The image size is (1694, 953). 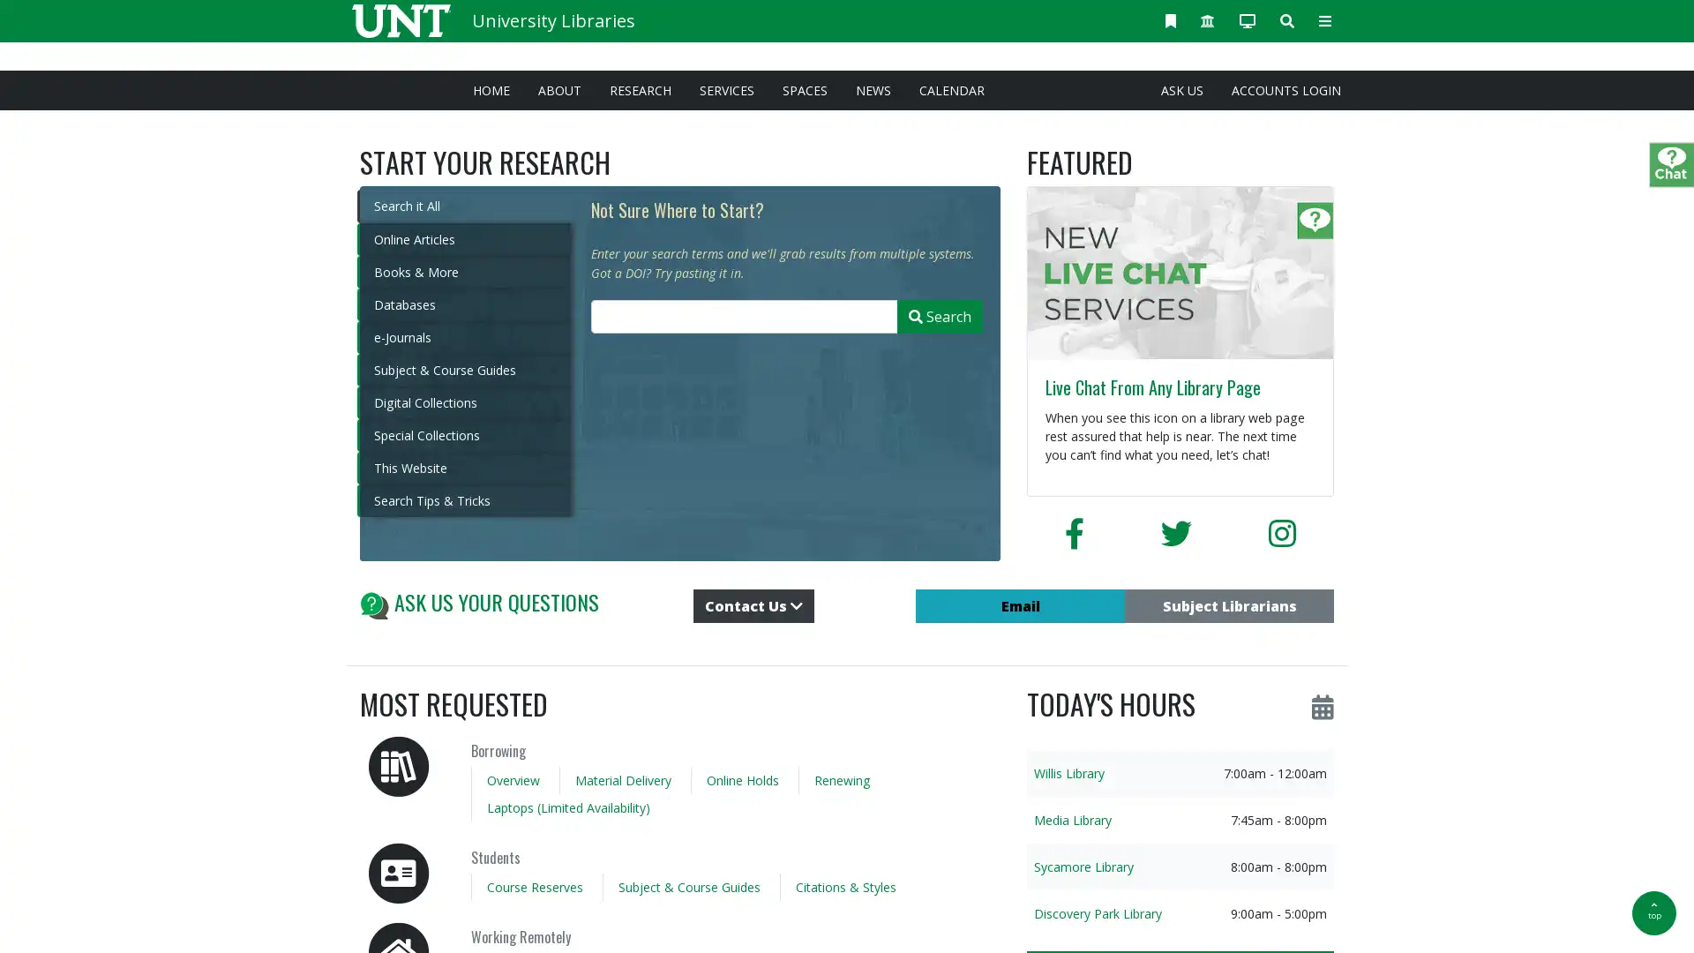 What do you see at coordinates (1170, 20) in the screenshot?
I see `Open Dialog: U N T - Quick Links` at bounding box center [1170, 20].